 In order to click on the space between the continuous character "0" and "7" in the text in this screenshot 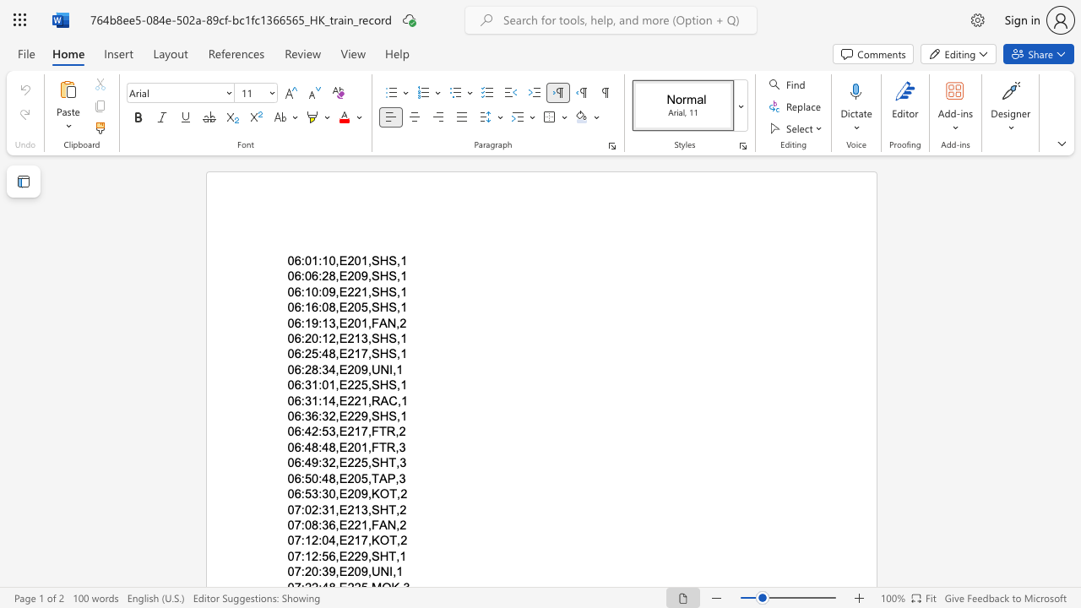, I will do `click(294, 524)`.